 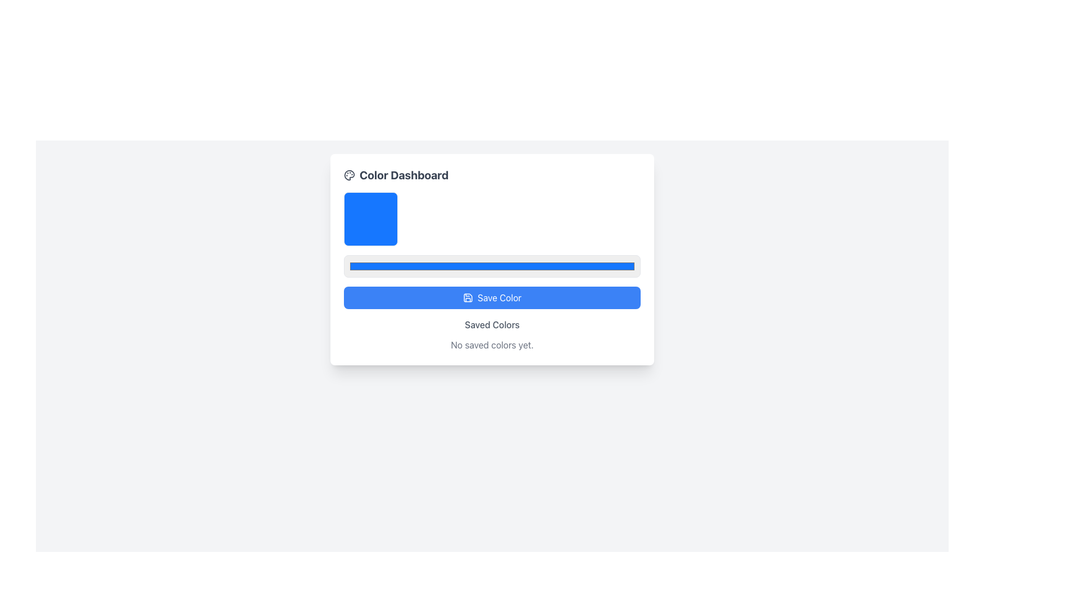 I want to click on the text label that reads 'Saved Colors', which is styled with a medium font weight and gray color, located above the smaller text label 'No saved colors yet.', so click(x=492, y=325).